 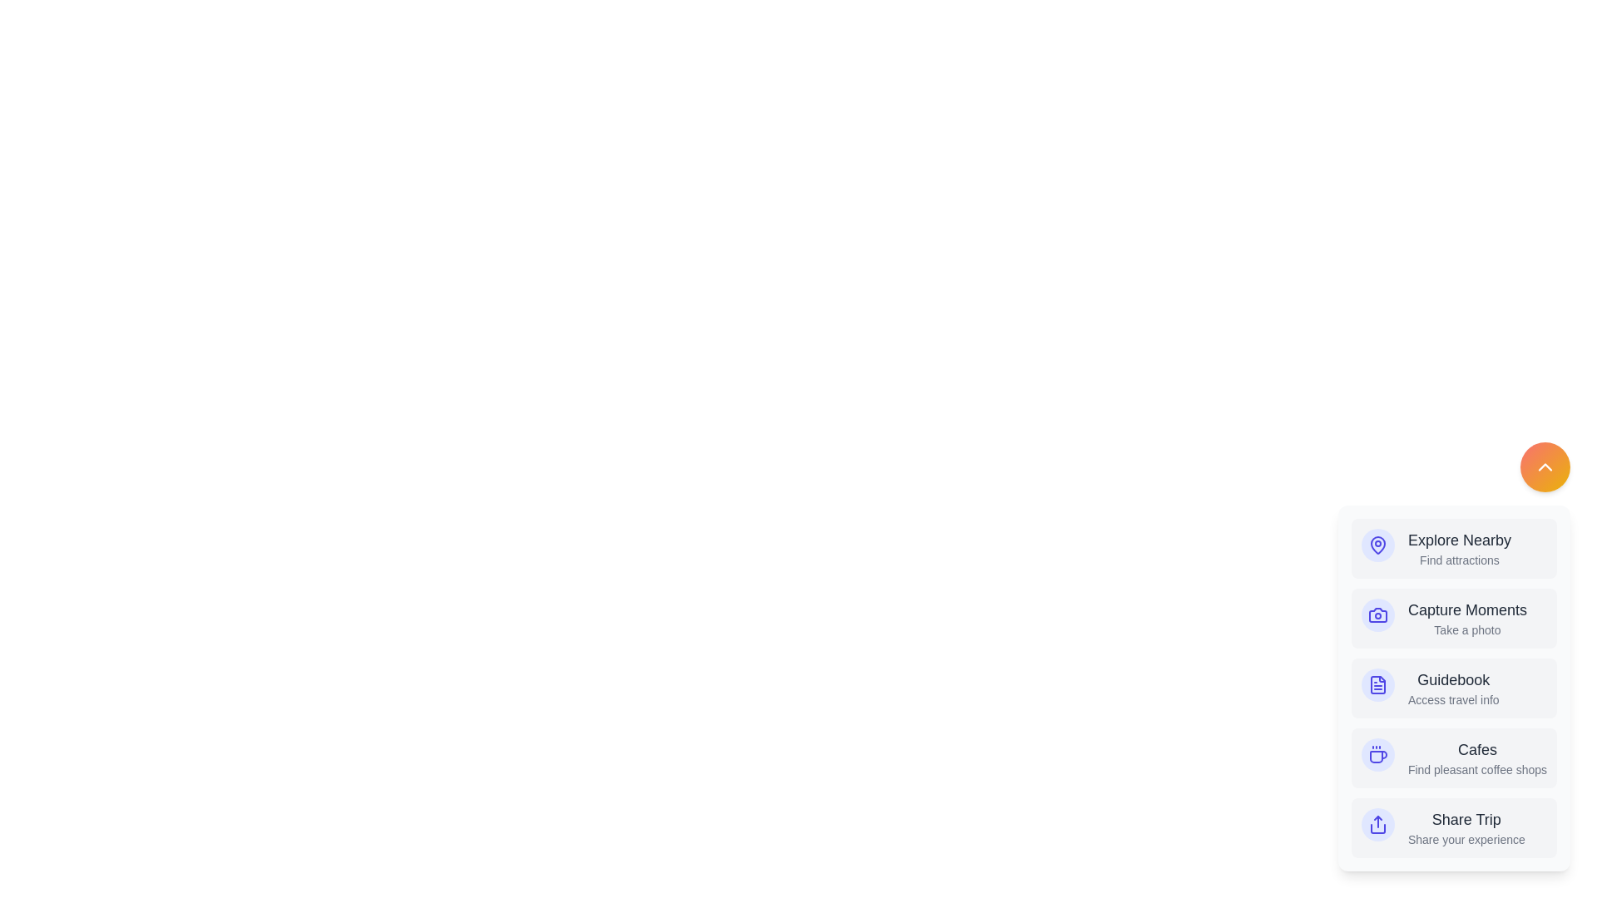 I want to click on the menu item Guidebook to perform the associated action, so click(x=1452, y=688).